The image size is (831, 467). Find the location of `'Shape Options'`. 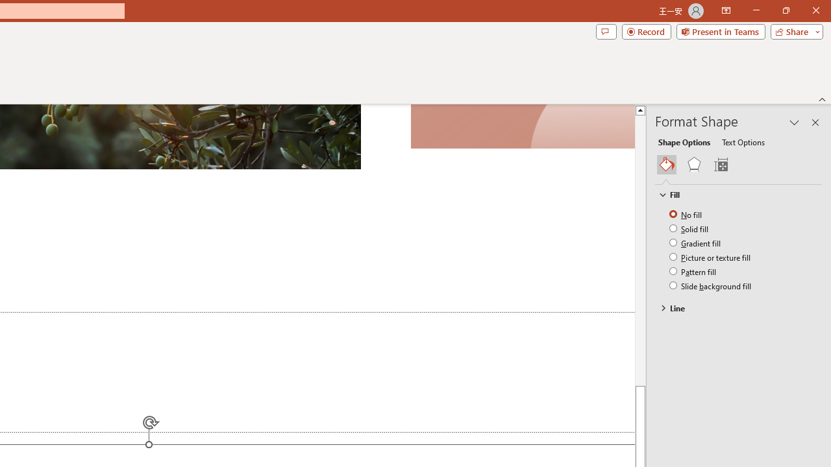

'Shape Options' is located at coordinates (684, 141).